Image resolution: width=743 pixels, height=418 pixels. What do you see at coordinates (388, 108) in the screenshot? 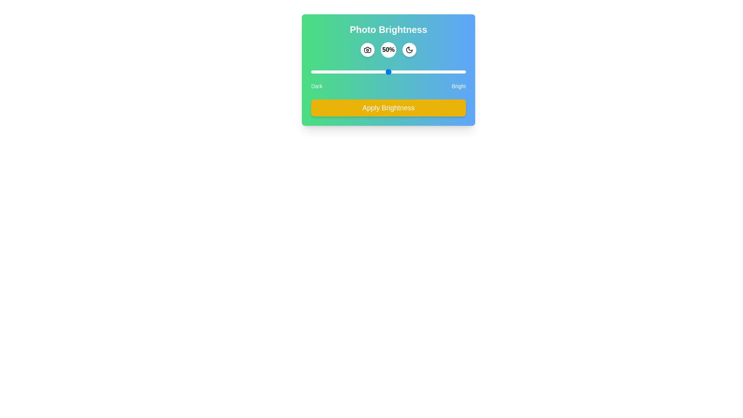
I see `the 'Apply Brightness' button to apply the current brightness setting` at bounding box center [388, 108].